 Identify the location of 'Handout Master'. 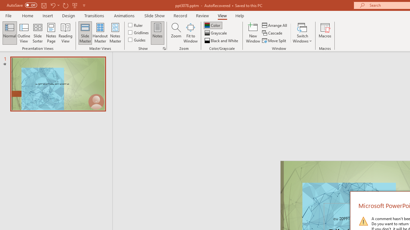
(100, 33).